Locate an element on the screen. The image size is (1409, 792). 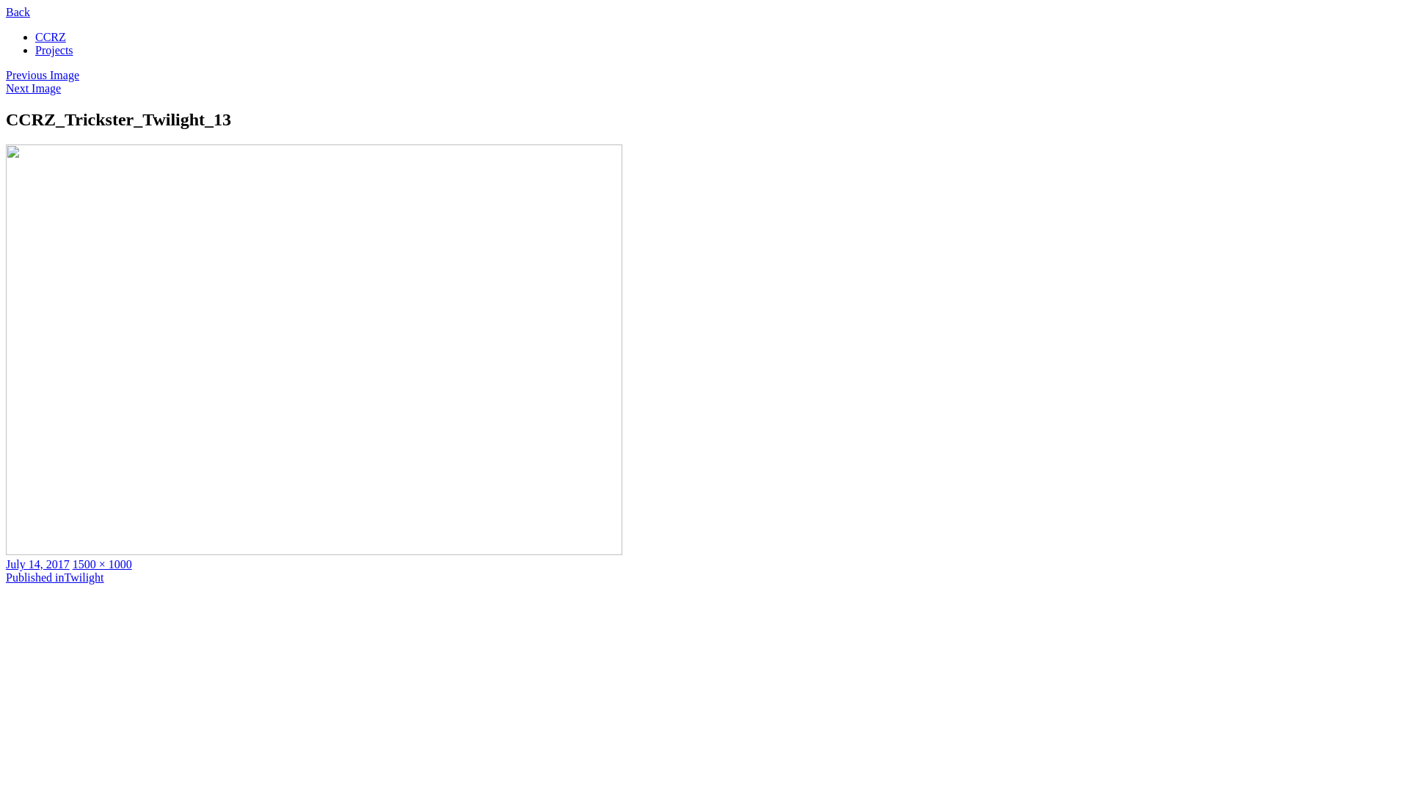
'July 14, 2017' is located at coordinates (37, 563).